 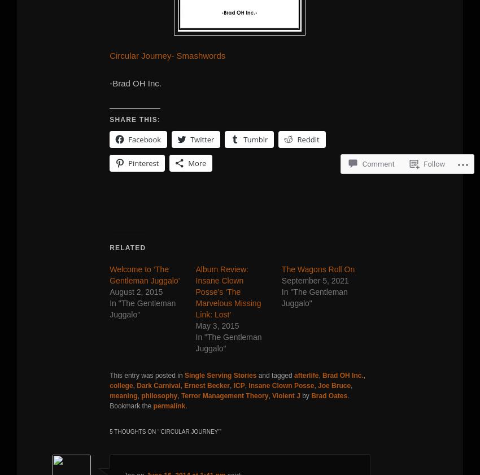 I want to click on 'college', so click(x=121, y=385).